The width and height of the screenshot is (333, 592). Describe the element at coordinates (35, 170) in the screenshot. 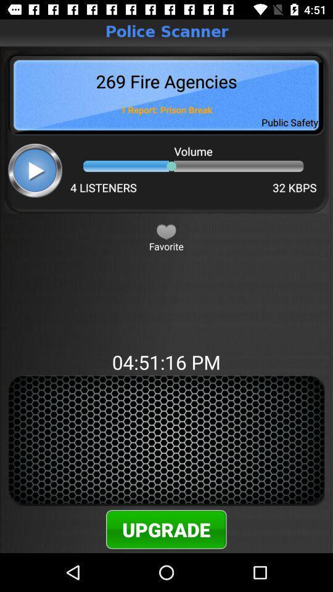

I see `play` at that location.